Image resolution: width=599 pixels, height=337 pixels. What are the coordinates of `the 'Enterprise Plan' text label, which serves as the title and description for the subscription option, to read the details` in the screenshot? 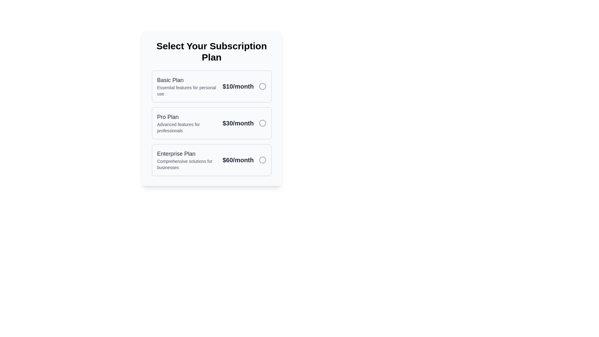 It's located at (187, 160).